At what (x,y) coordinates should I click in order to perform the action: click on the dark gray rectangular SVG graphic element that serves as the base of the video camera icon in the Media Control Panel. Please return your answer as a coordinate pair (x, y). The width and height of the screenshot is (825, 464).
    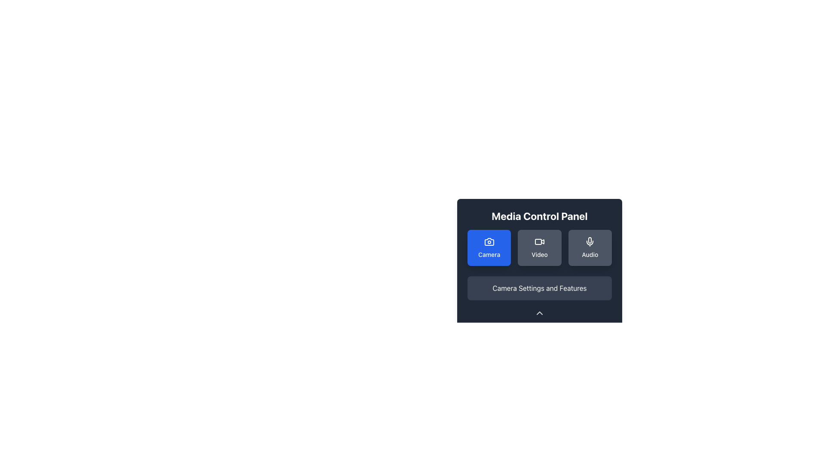
    Looking at the image, I should click on (538, 242).